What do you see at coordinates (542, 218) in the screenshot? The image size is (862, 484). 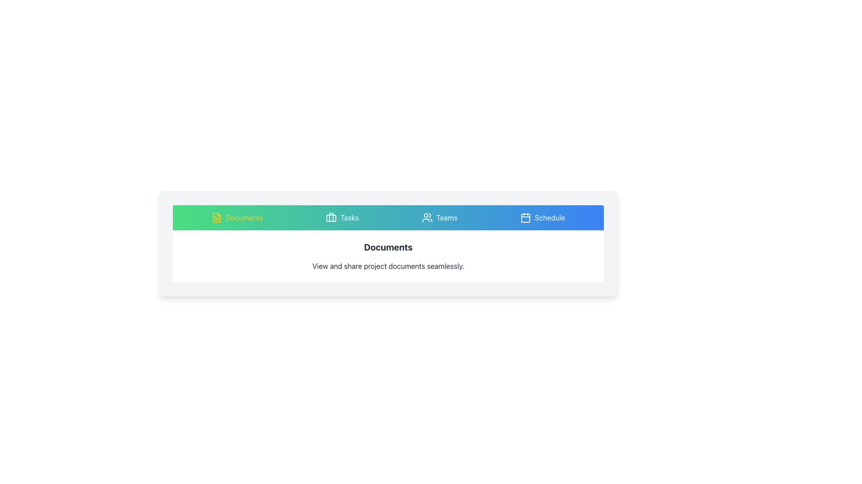 I see `the fourth navigation button on the right side of the horizontal navigation bar` at bounding box center [542, 218].